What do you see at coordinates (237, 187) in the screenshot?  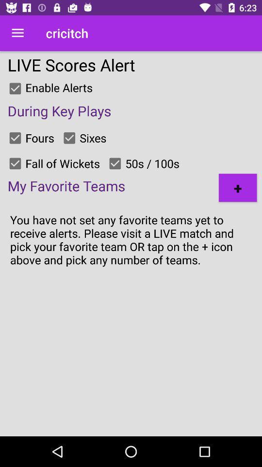 I see `icon above you have not` at bounding box center [237, 187].